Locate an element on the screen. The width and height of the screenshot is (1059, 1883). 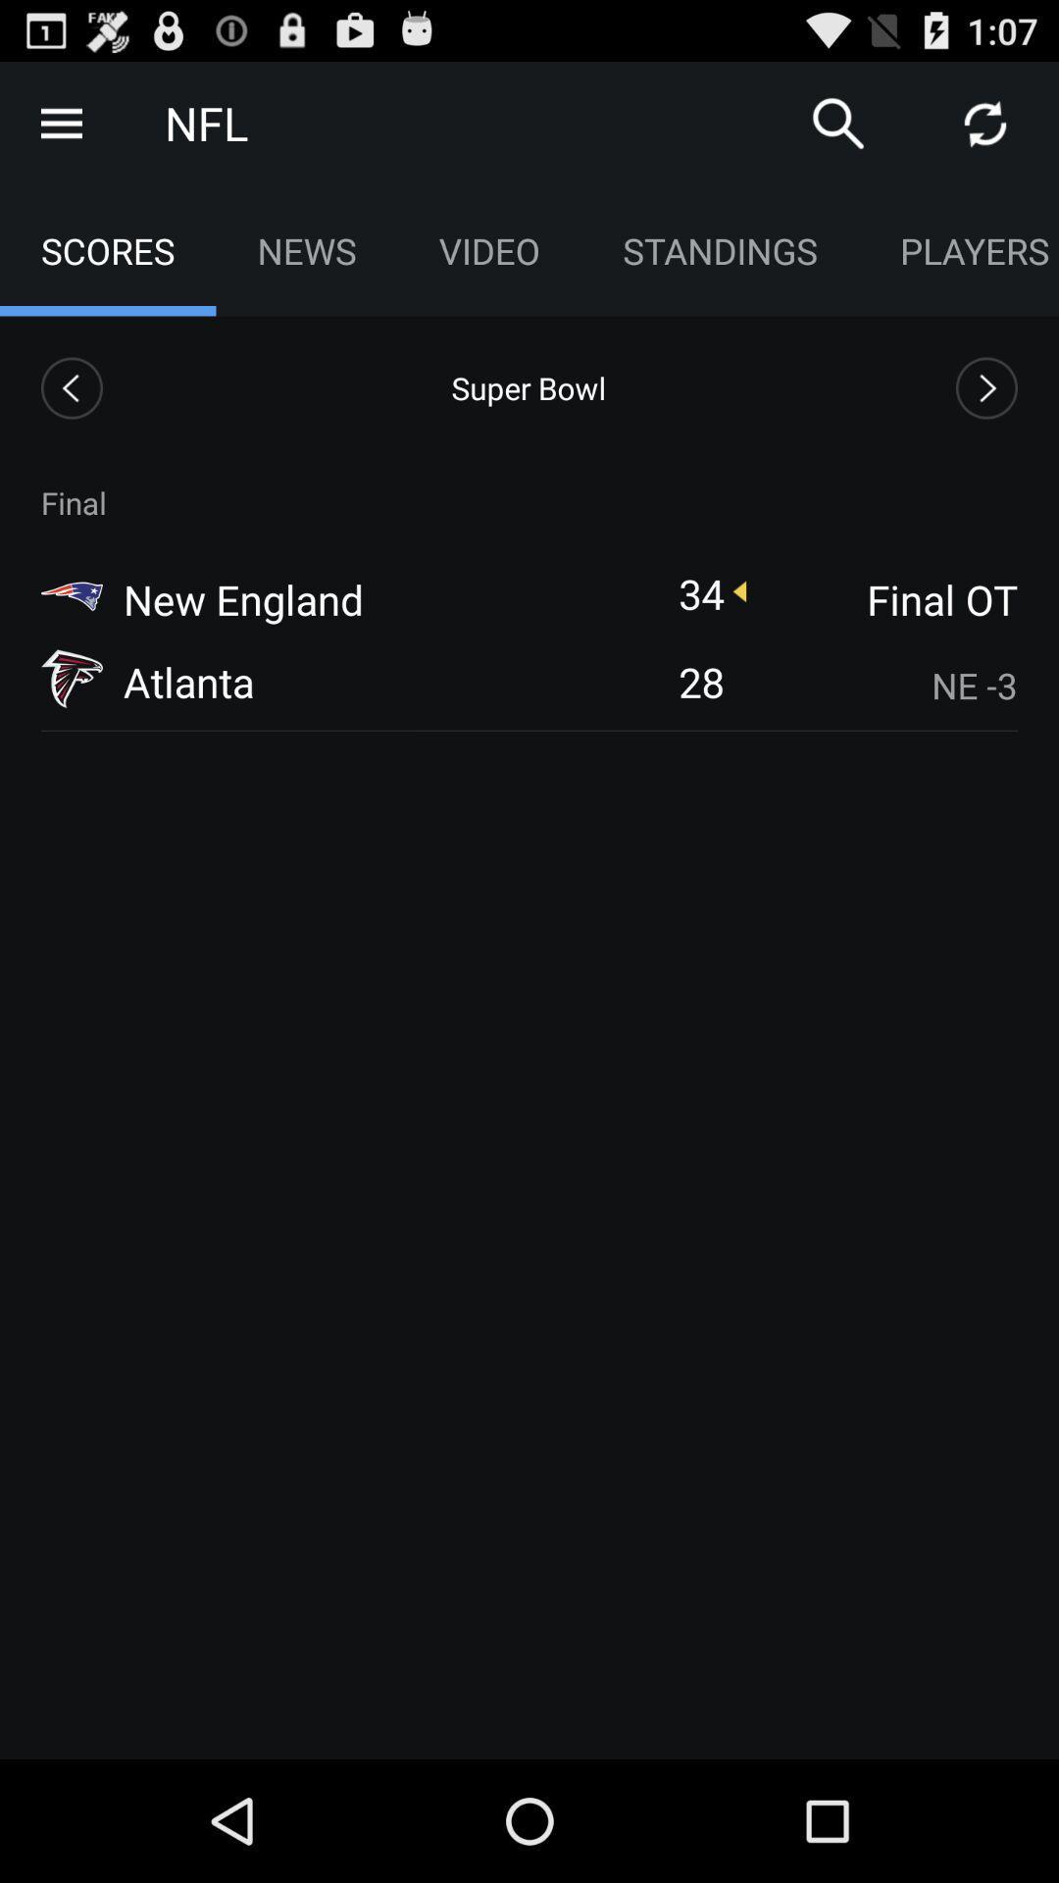
the final ot icon is located at coordinates (883, 598).